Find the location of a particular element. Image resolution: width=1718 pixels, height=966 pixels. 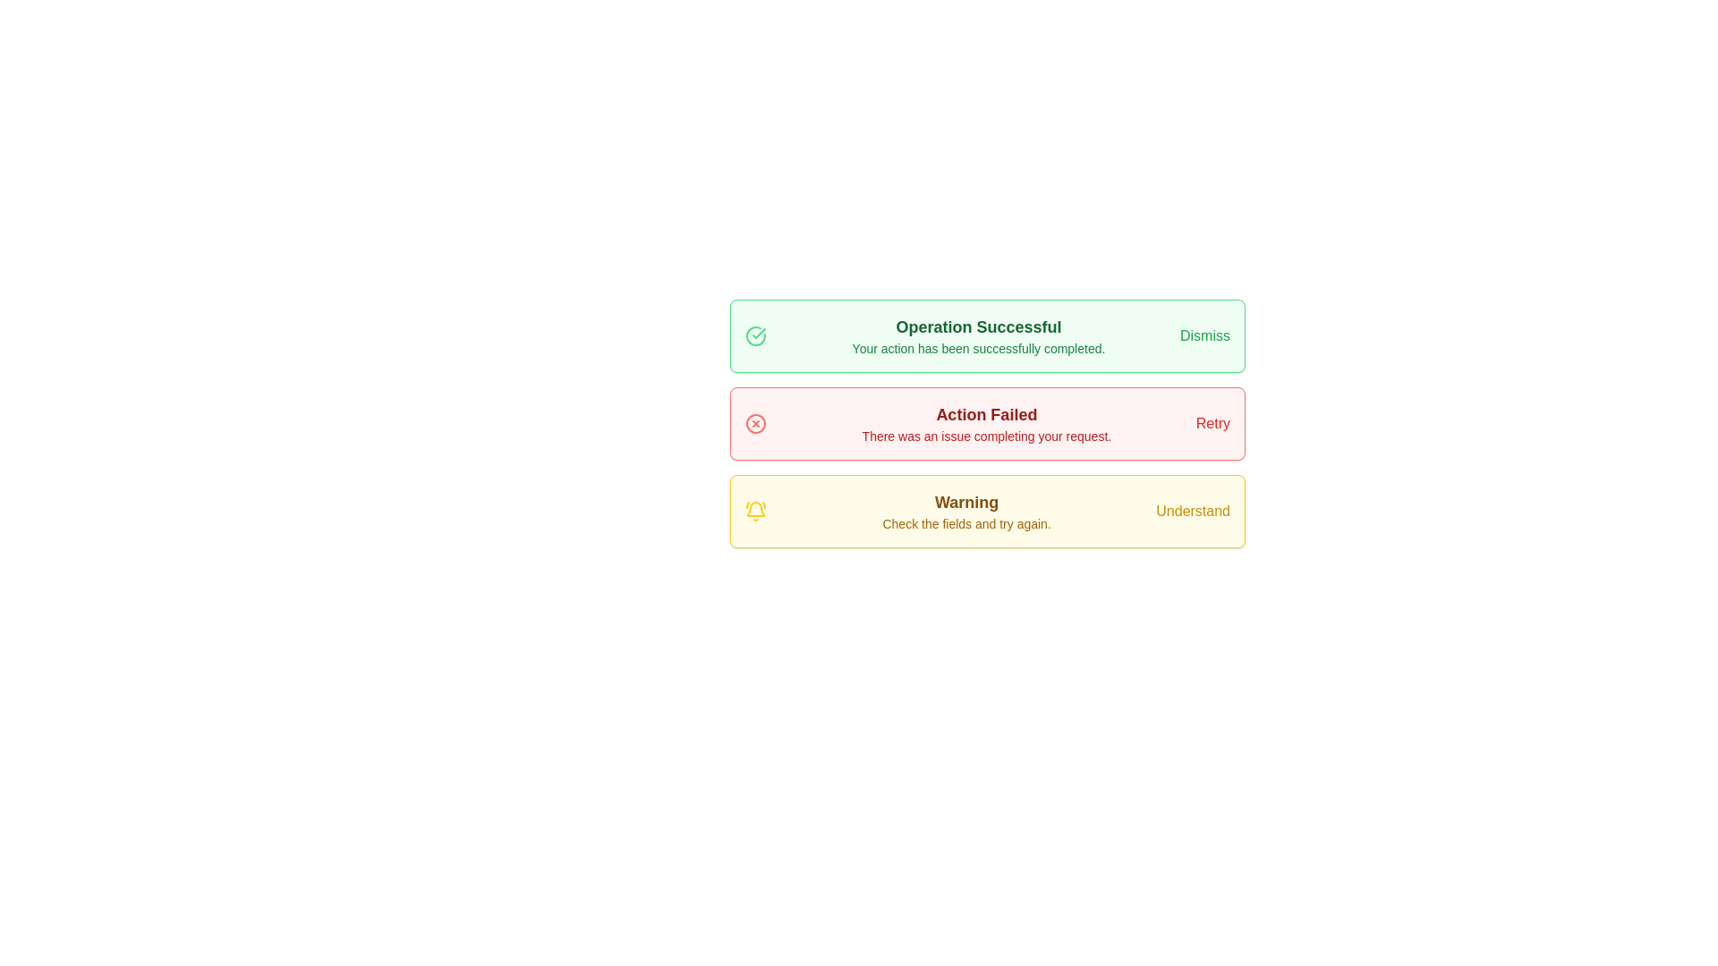

the 'Retry' button, which is a red button positioned next to the error message indicating 'Action Failed' is located at coordinates (1212, 424).